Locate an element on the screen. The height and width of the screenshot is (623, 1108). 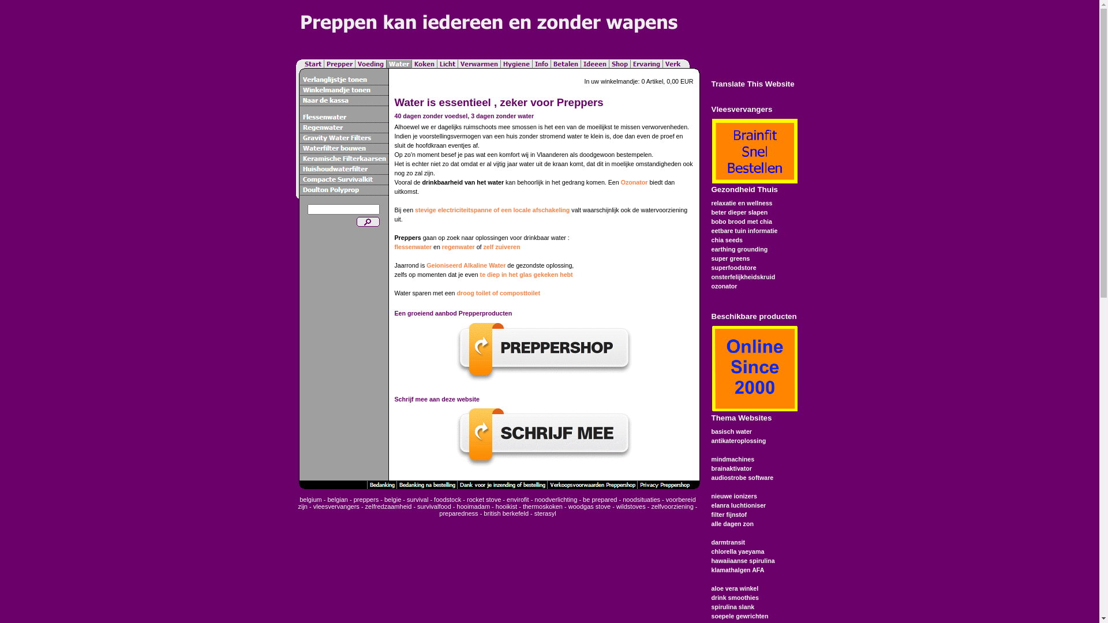
'bobo brood met chia' is located at coordinates (710, 222).